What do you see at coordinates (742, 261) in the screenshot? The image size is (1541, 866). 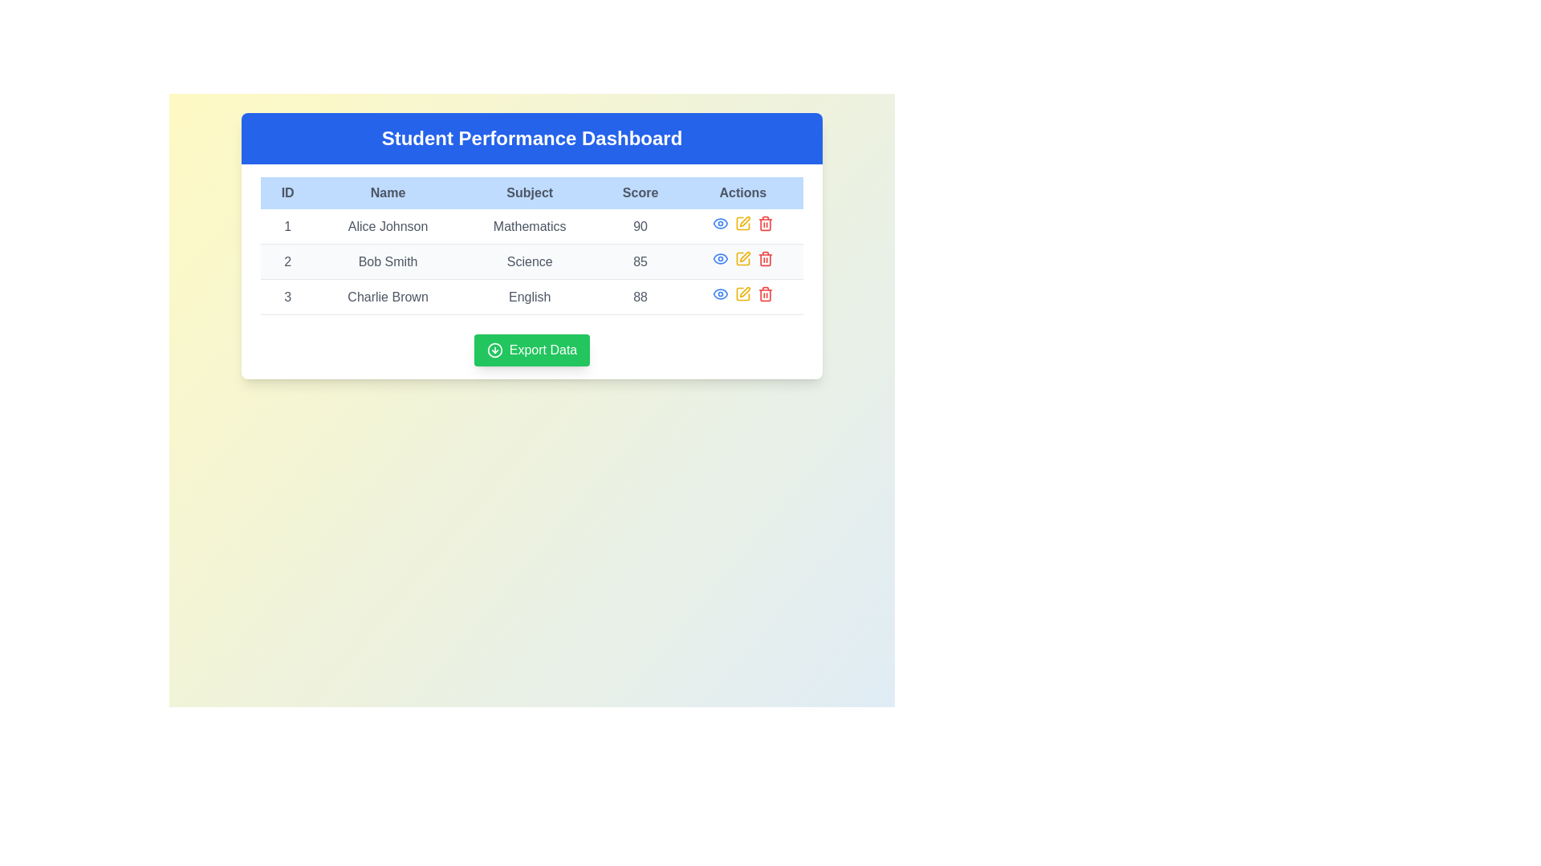 I see `the Icon Button in the 'Actions' column for 'Bob Smith'` at bounding box center [742, 261].